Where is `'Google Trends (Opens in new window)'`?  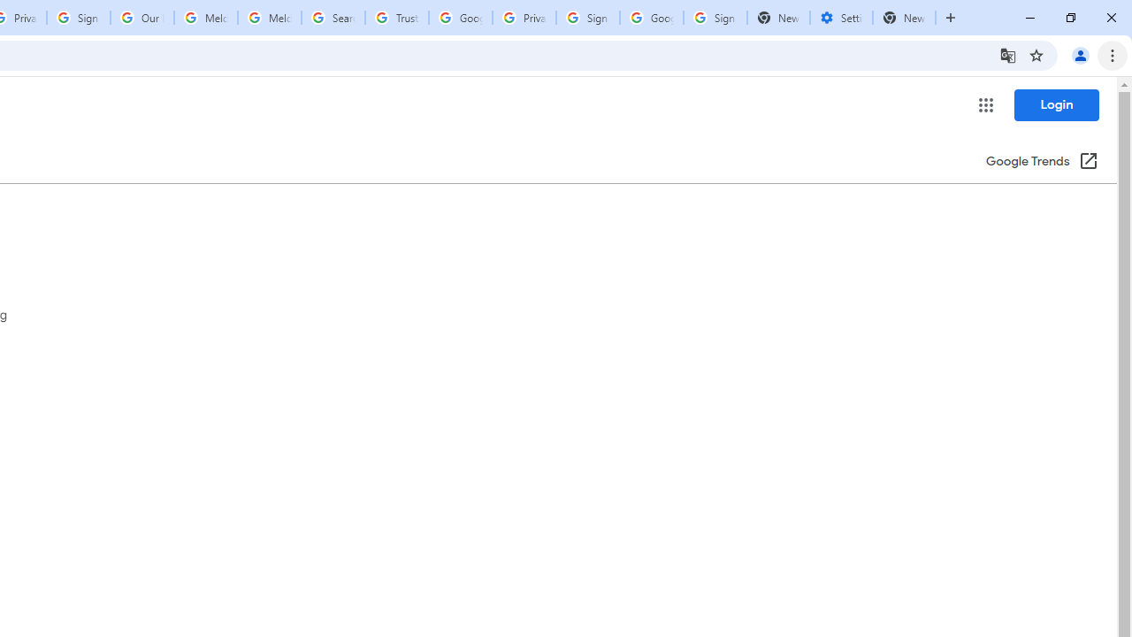 'Google Trends (Opens in new window)' is located at coordinates (1042, 162).